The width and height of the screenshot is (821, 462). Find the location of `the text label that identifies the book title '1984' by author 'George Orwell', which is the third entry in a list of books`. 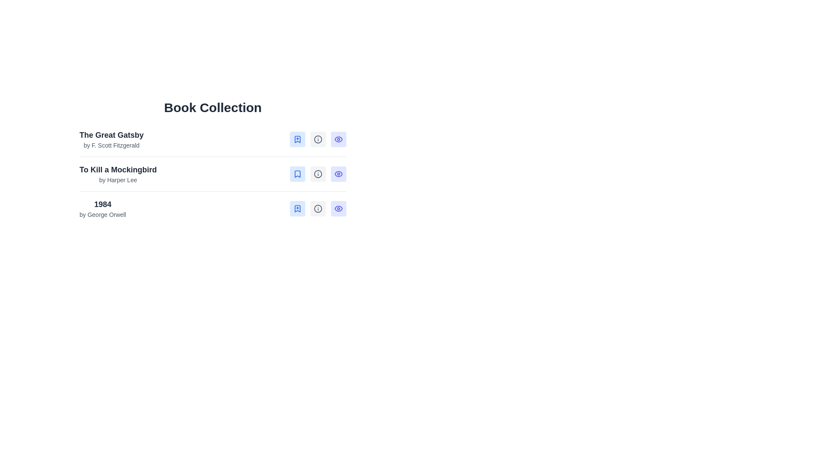

the text label that identifies the book title '1984' by author 'George Orwell', which is the third entry in a list of books is located at coordinates (103, 209).